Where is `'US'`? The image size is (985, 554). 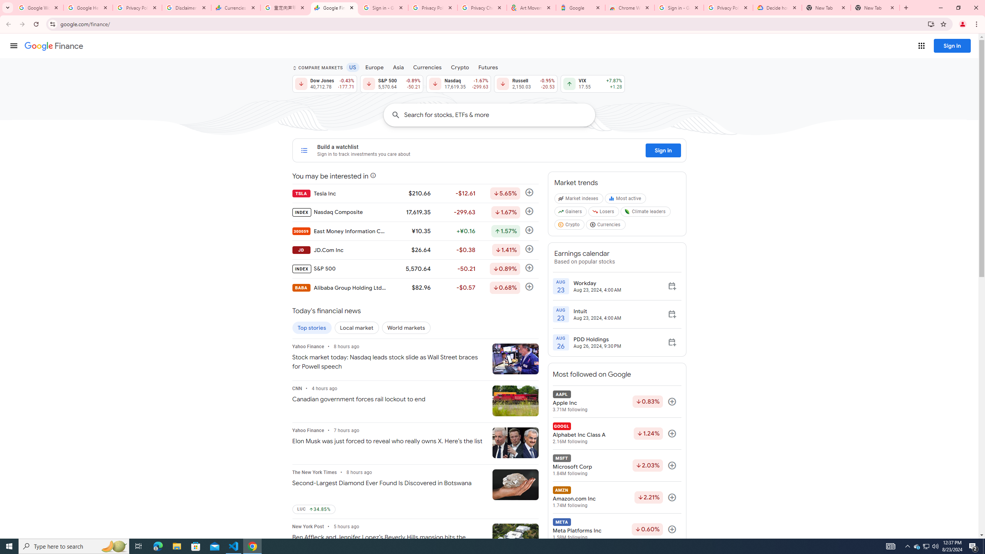 'US' is located at coordinates (352, 67).